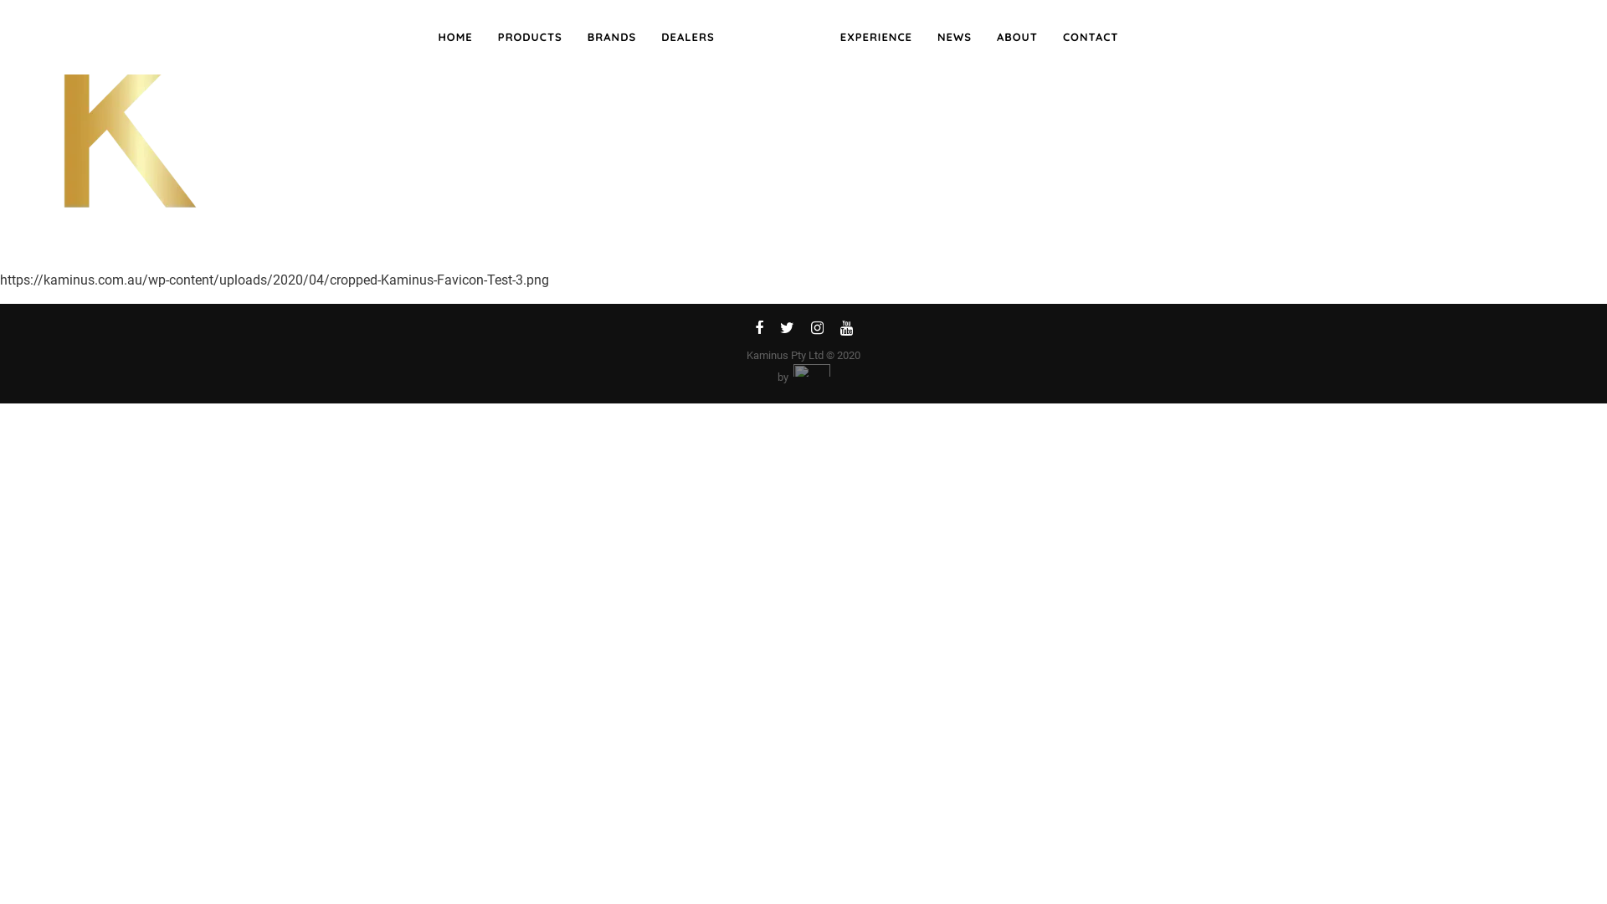  Describe the element at coordinates (846, 331) in the screenshot. I see `'Youtube'` at that location.